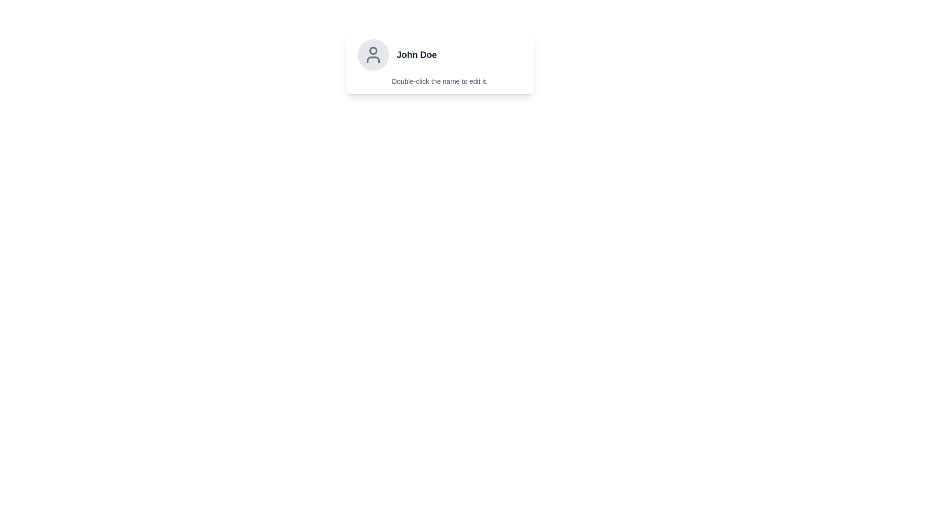 This screenshot has height=530, width=942. Describe the element at coordinates (372, 51) in the screenshot. I see `the SVG circle element representing the head of the humanoid silhouette in the user avatar icon for the profile of 'John Doe'` at that location.